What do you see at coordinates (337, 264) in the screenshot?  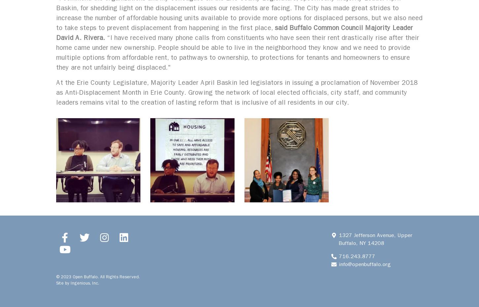 I see `'info@openbuffalo.org'` at bounding box center [337, 264].